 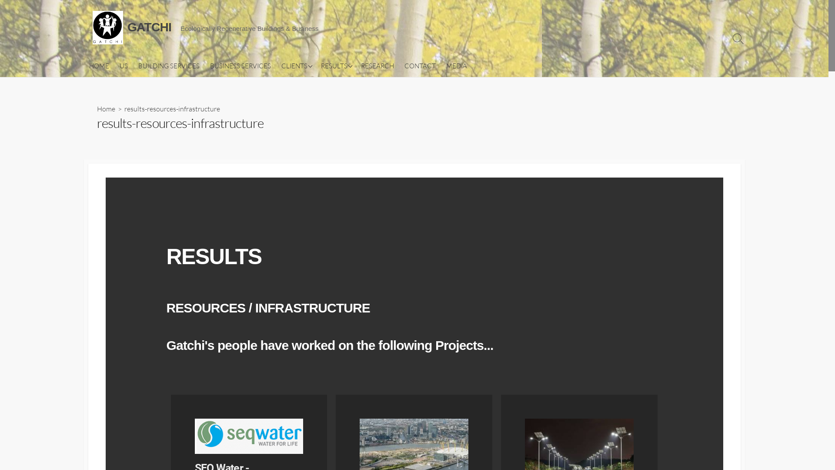 I want to click on 'RESEARCH', so click(x=377, y=65).